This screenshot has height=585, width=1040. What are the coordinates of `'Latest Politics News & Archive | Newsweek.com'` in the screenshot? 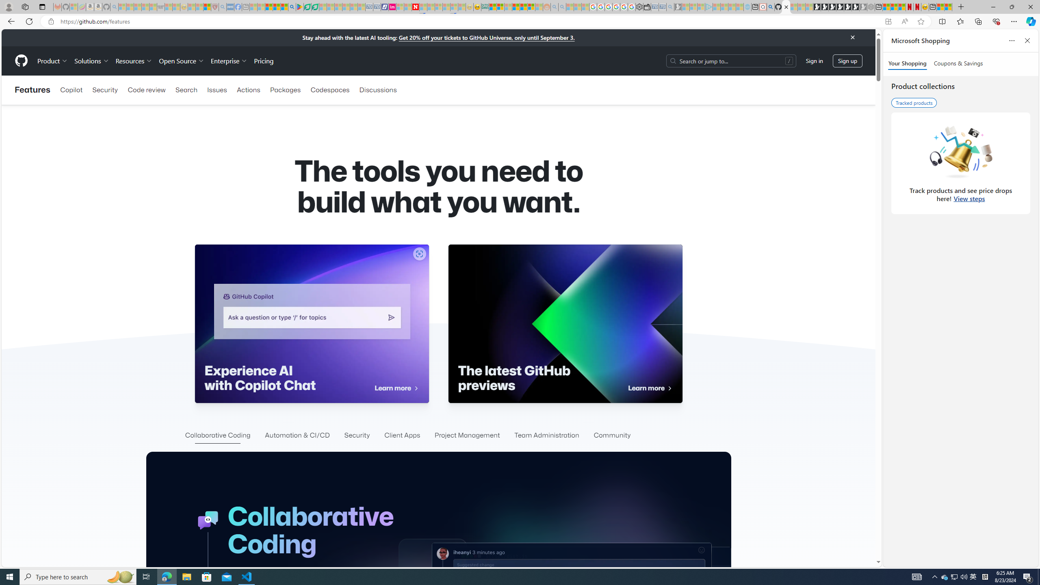 It's located at (416, 6).